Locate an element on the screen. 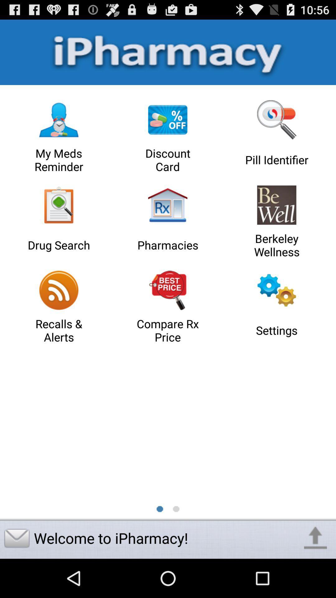 Image resolution: width=336 pixels, height=598 pixels. item to the right of welcome to ipharmacy! icon is located at coordinates (315, 538).